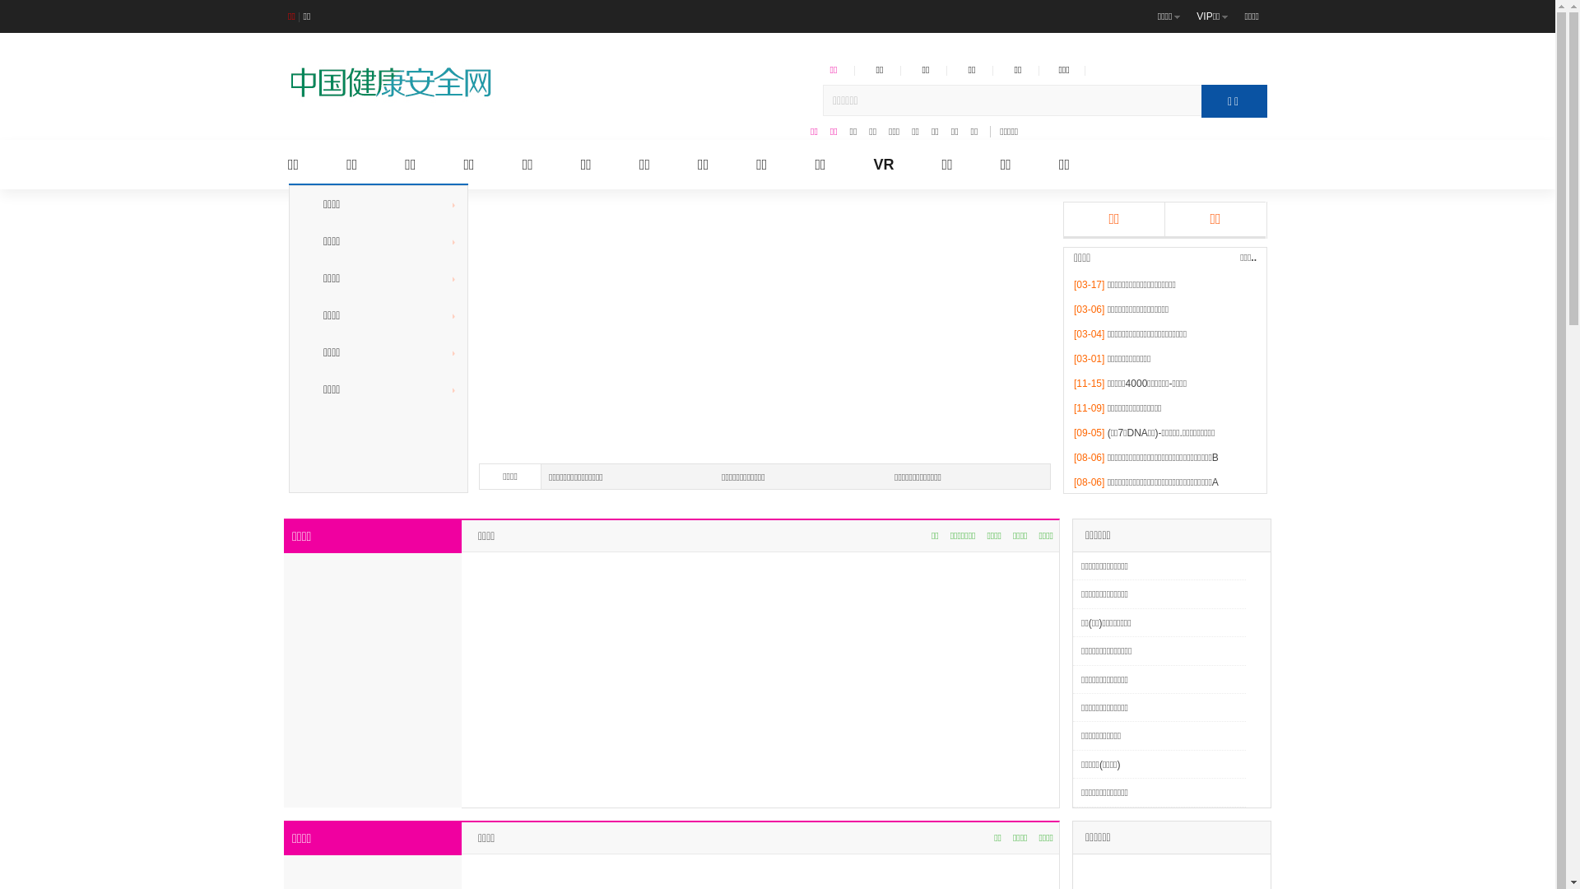 The width and height of the screenshot is (1580, 889). I want to click on '[09-05]', so click(1074, 431).